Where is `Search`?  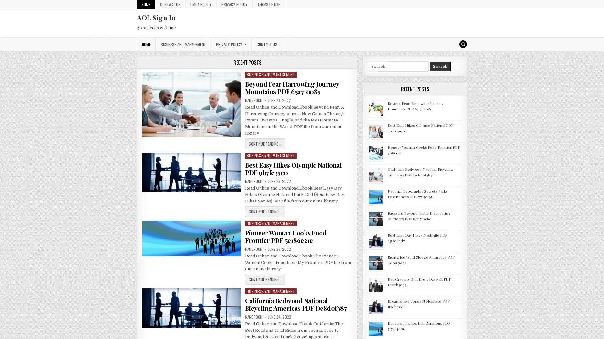 Search is located at coordinates (440, 66).